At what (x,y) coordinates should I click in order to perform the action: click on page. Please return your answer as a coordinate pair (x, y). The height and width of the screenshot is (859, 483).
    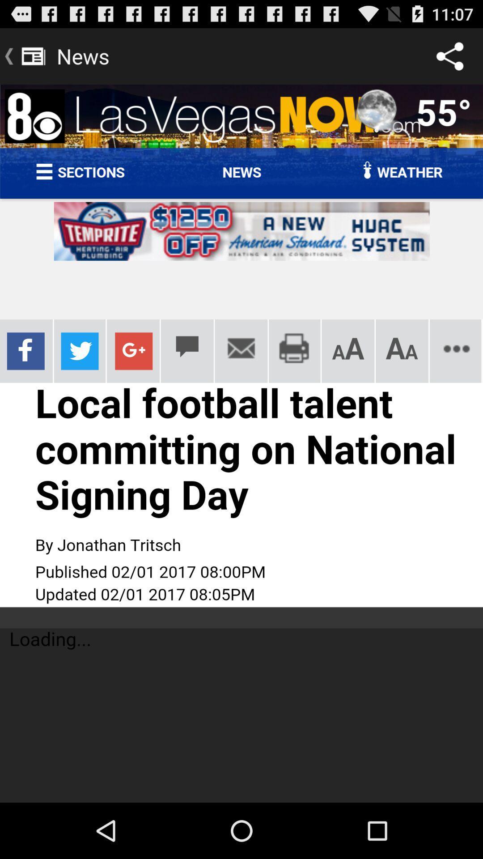
    Looking at the image, I should click on (241, 443).